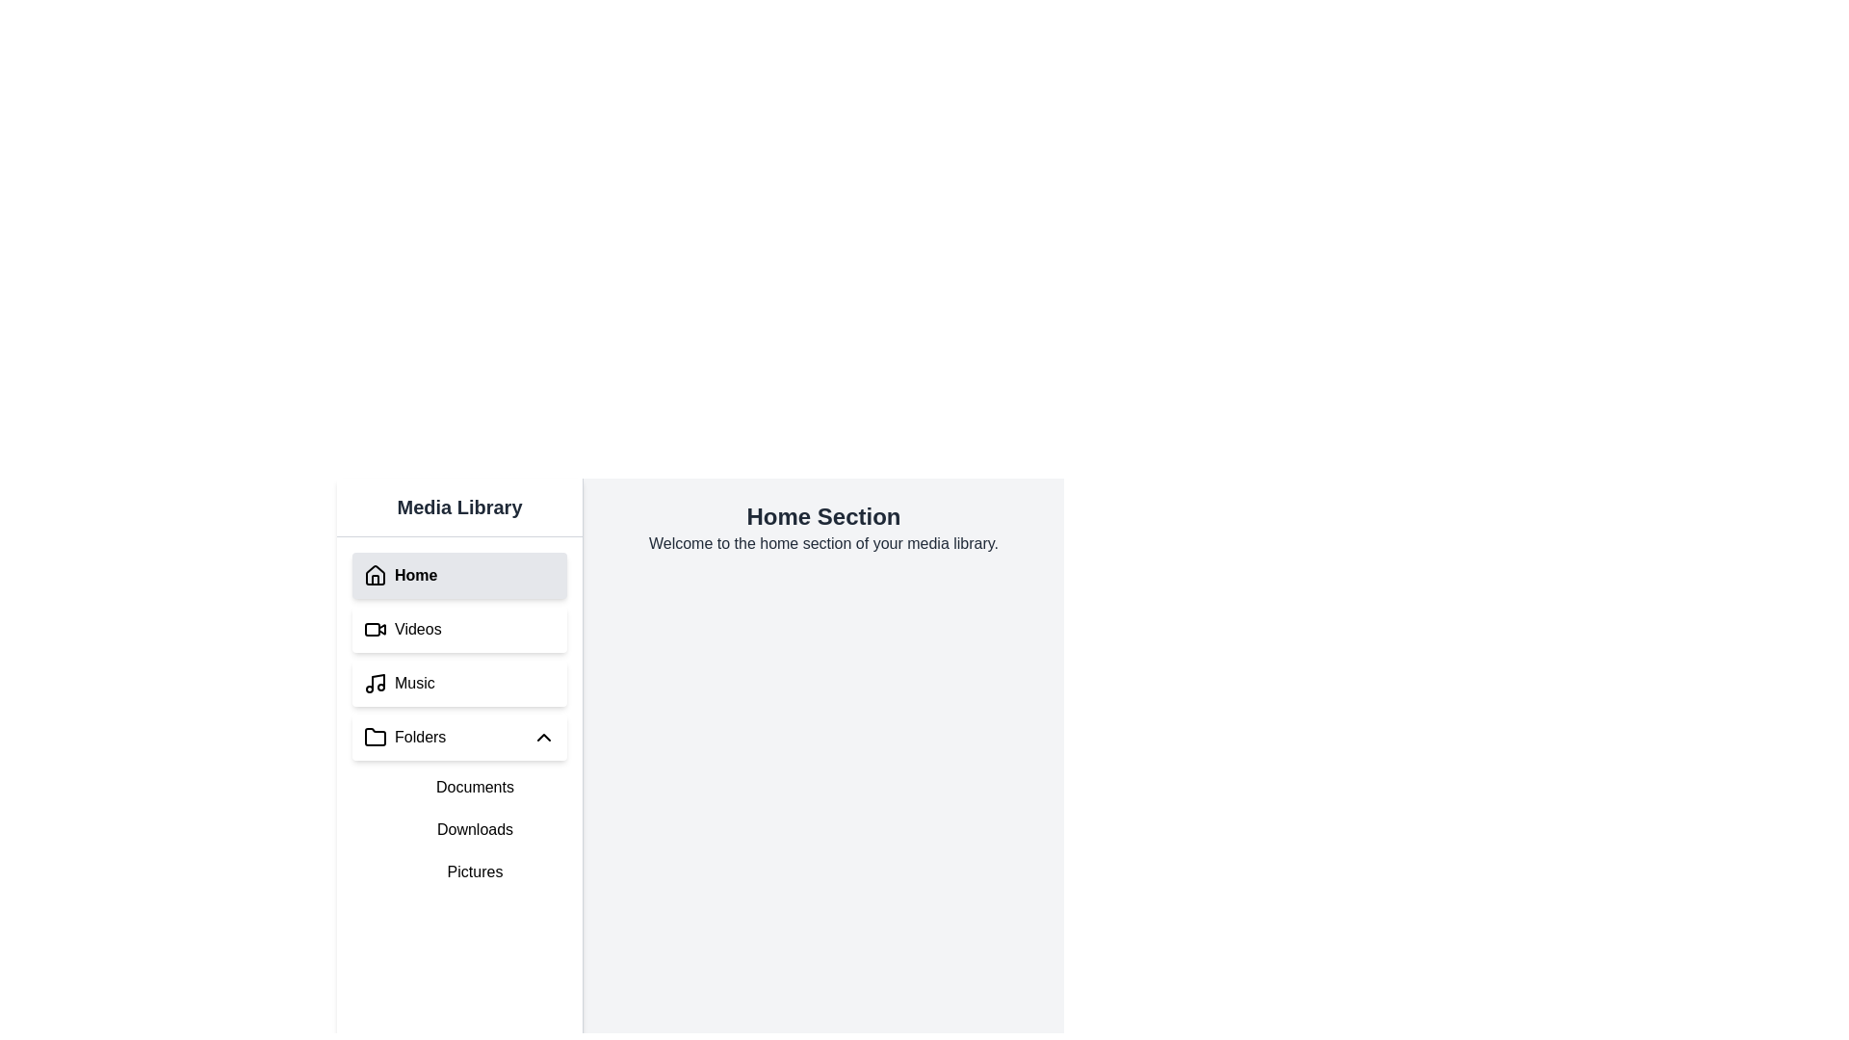 The image size is (1849, 1040). I want to click on the navigation menu located, so click(458, 721).